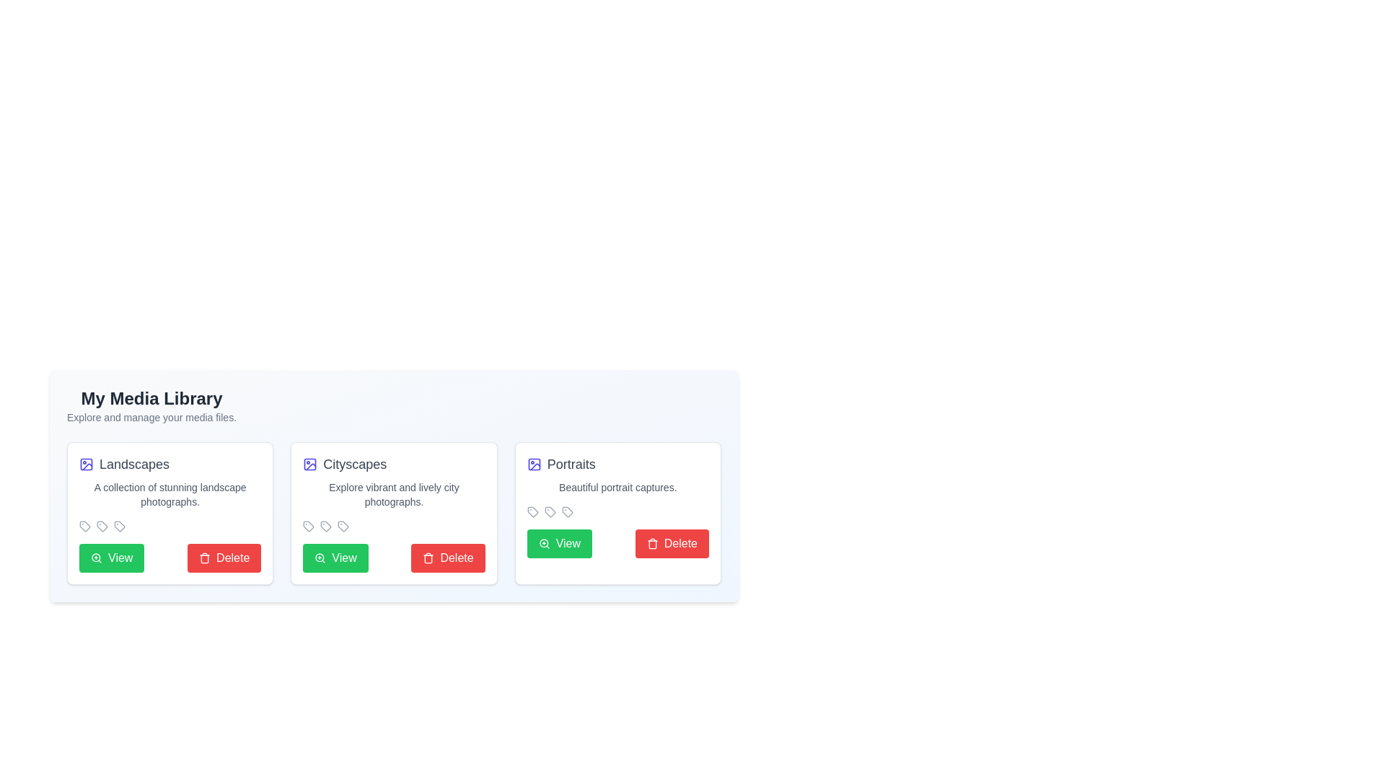  I want to click on the small gray price tag icon in the 'Landscapes' card of the 'My Media Library' interface, so click(84, 526).